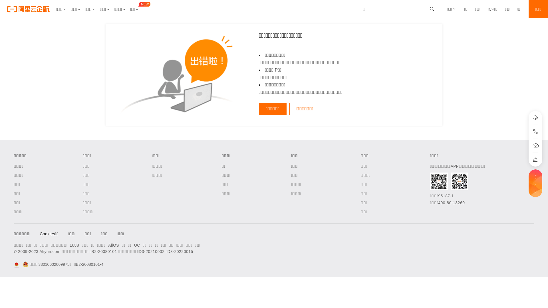 The width and height of the screenshot is (548, 308). Describe the element at coordinates (69, 245) in the screenshot. I see `'1688'` at that location.